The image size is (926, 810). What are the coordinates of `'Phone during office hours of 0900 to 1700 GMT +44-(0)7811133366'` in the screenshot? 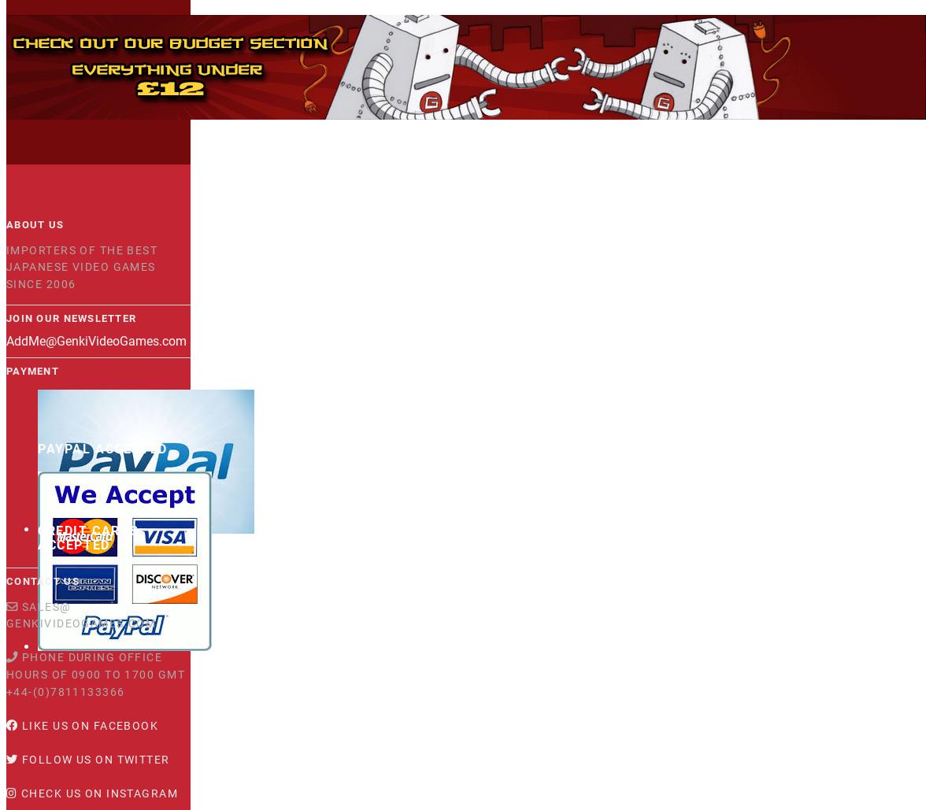 It's located at (95, 673).